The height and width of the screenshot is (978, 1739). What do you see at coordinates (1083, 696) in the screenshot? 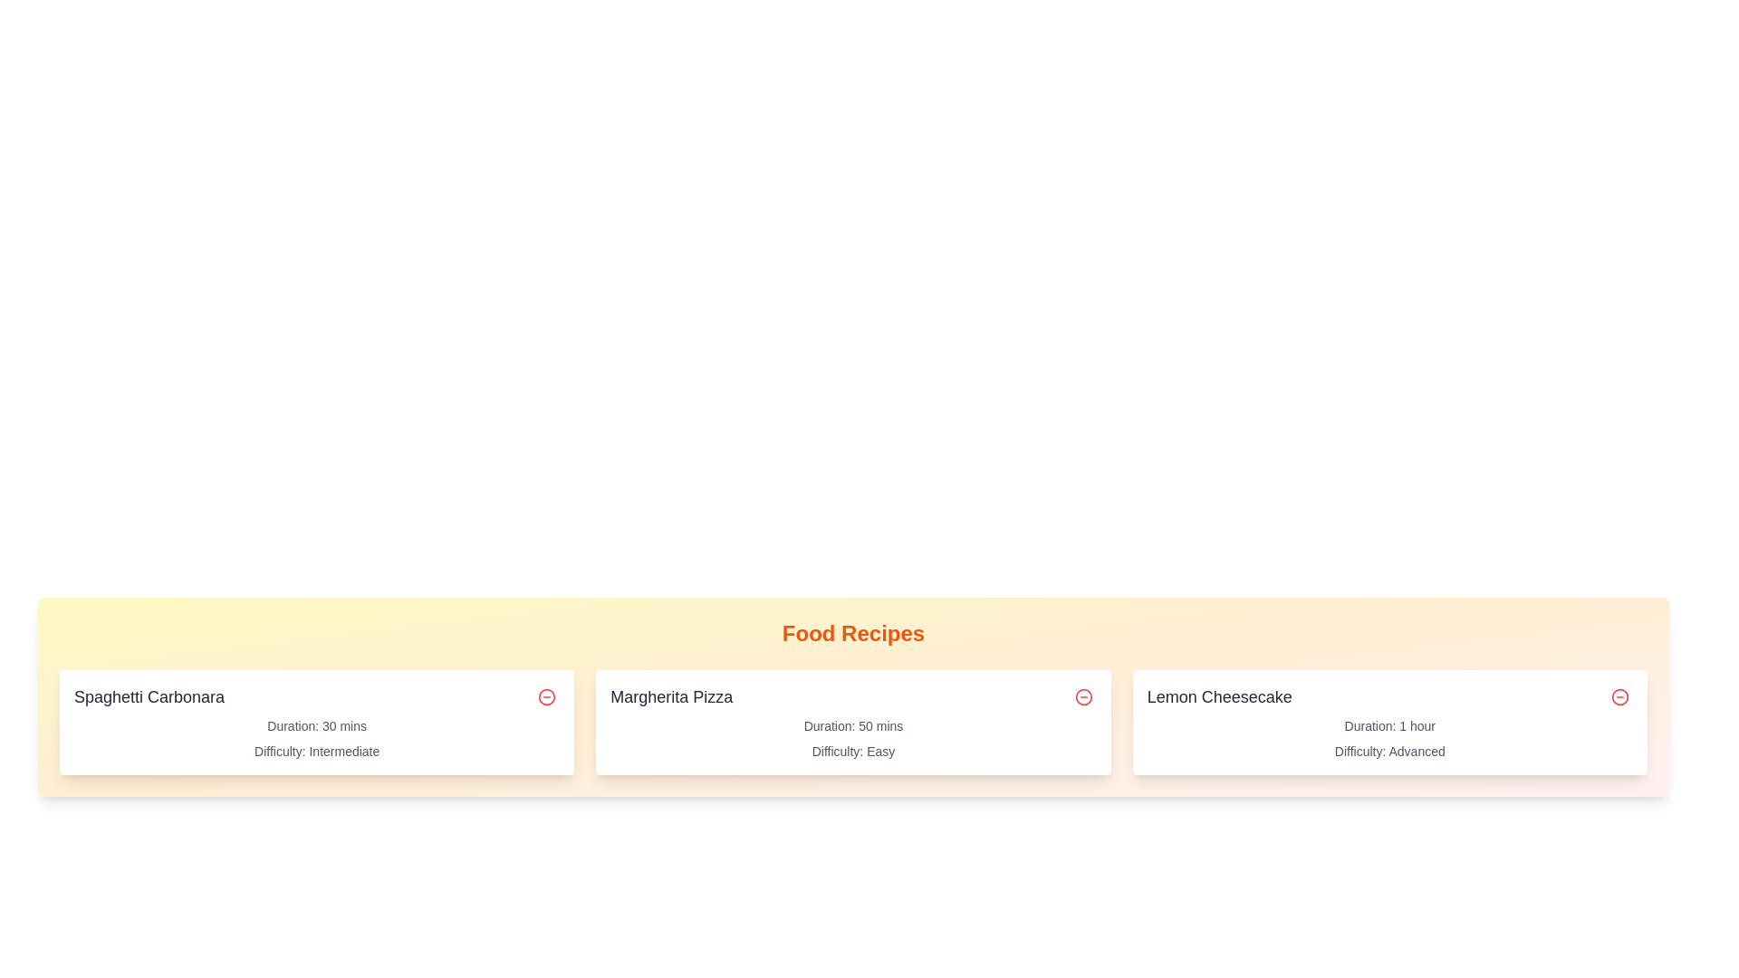
I see `the circular graphic of the minus icon for 'Margherita Pizza' in the 'Food Recipes' section by clicking on it` at bounding box center [1083, 696].